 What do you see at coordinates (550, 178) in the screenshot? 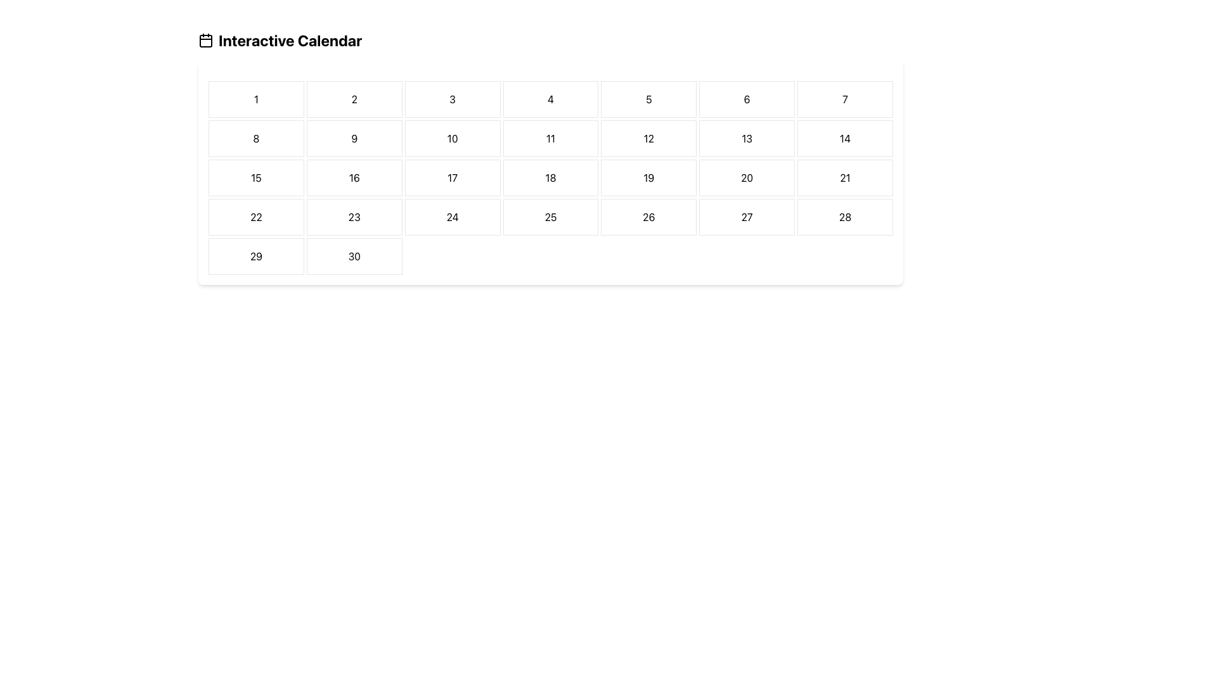
I see `the calendar cell displaying the number '18'` at bounding box center [550, 178].